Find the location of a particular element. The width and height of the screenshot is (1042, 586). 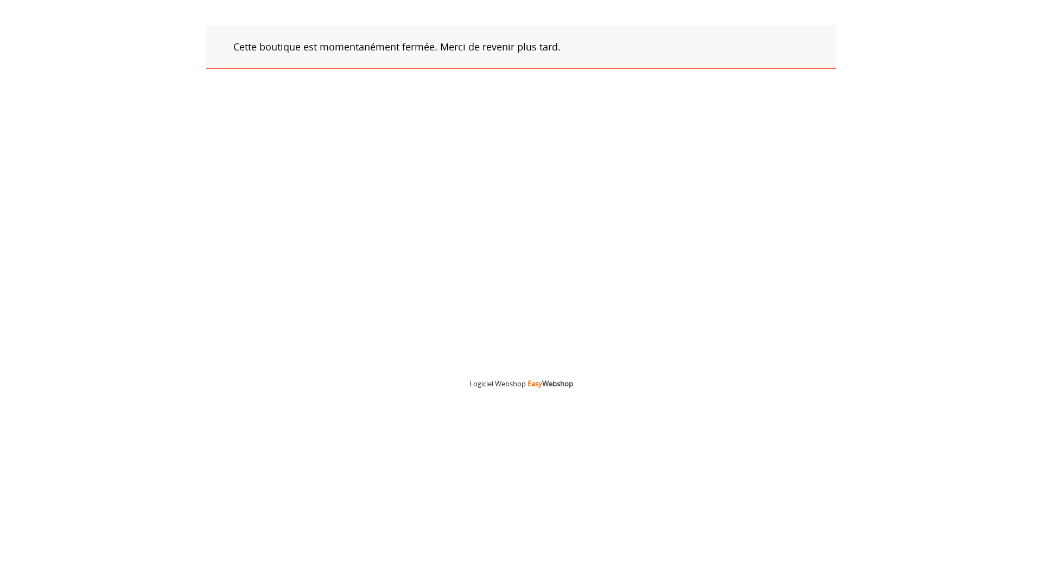

'Logiciel Webshop EasyWebshop' is located at coordinates (520, 383).